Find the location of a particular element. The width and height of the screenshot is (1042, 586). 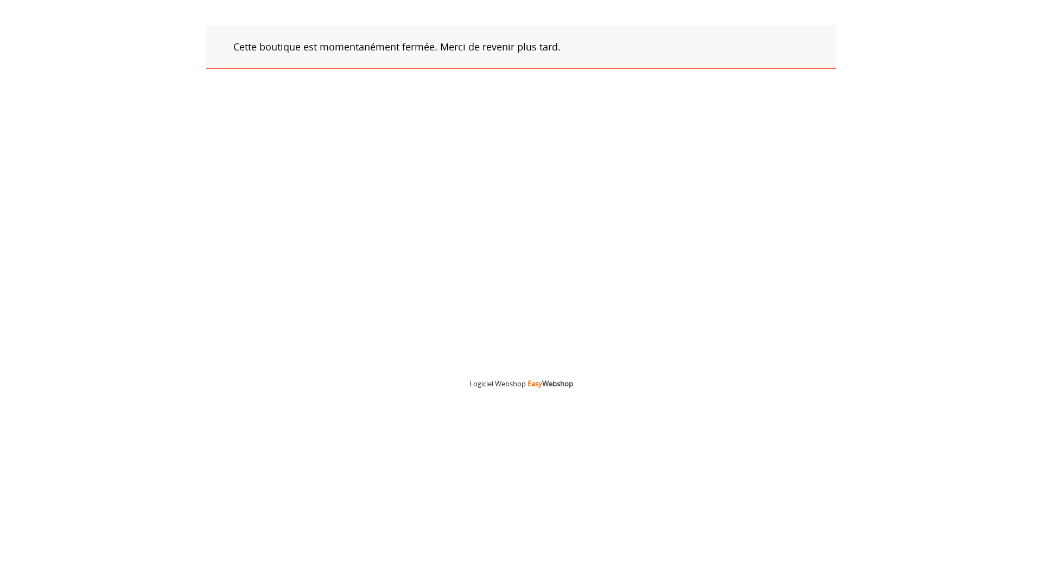

'Logiciel Webshop EasyWebshop' is located at coordinates (520, 383).